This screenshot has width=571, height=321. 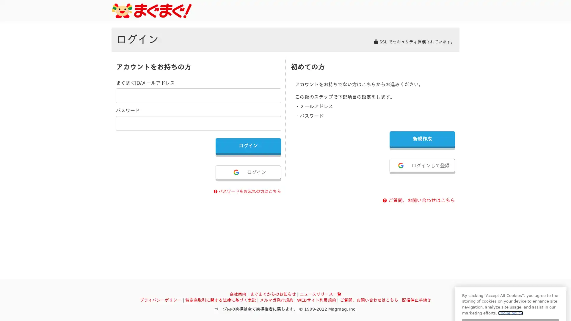 What do you see at coordinates (510, 295) in the screenshot?
I see `ok` at bounding box center [510, 295].